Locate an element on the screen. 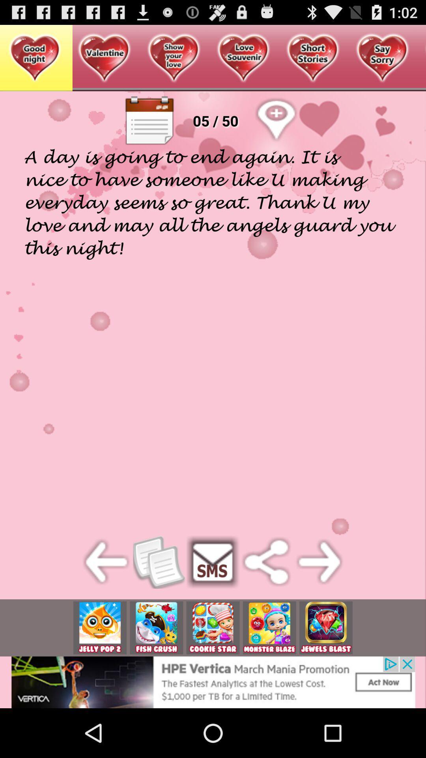  emoji is located at coordinates (156, 627).